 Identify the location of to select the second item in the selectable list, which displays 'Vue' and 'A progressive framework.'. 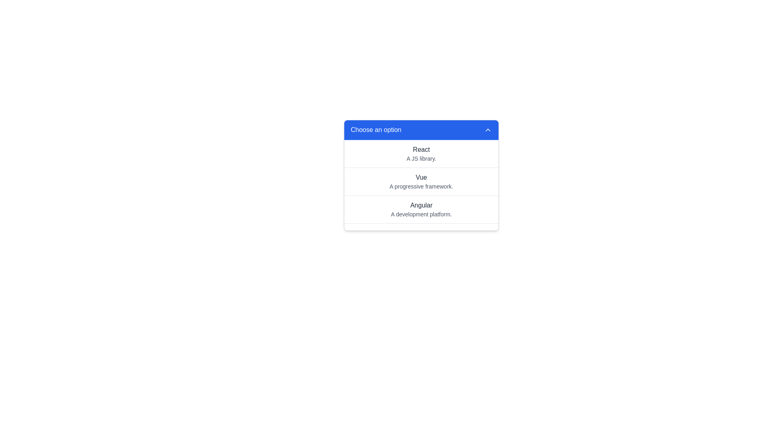
(421, 180).